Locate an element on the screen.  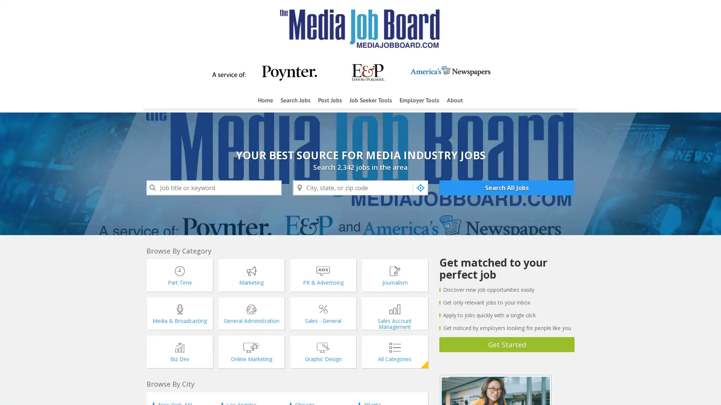
Search All Jobs is located at coordinates (507, 187).